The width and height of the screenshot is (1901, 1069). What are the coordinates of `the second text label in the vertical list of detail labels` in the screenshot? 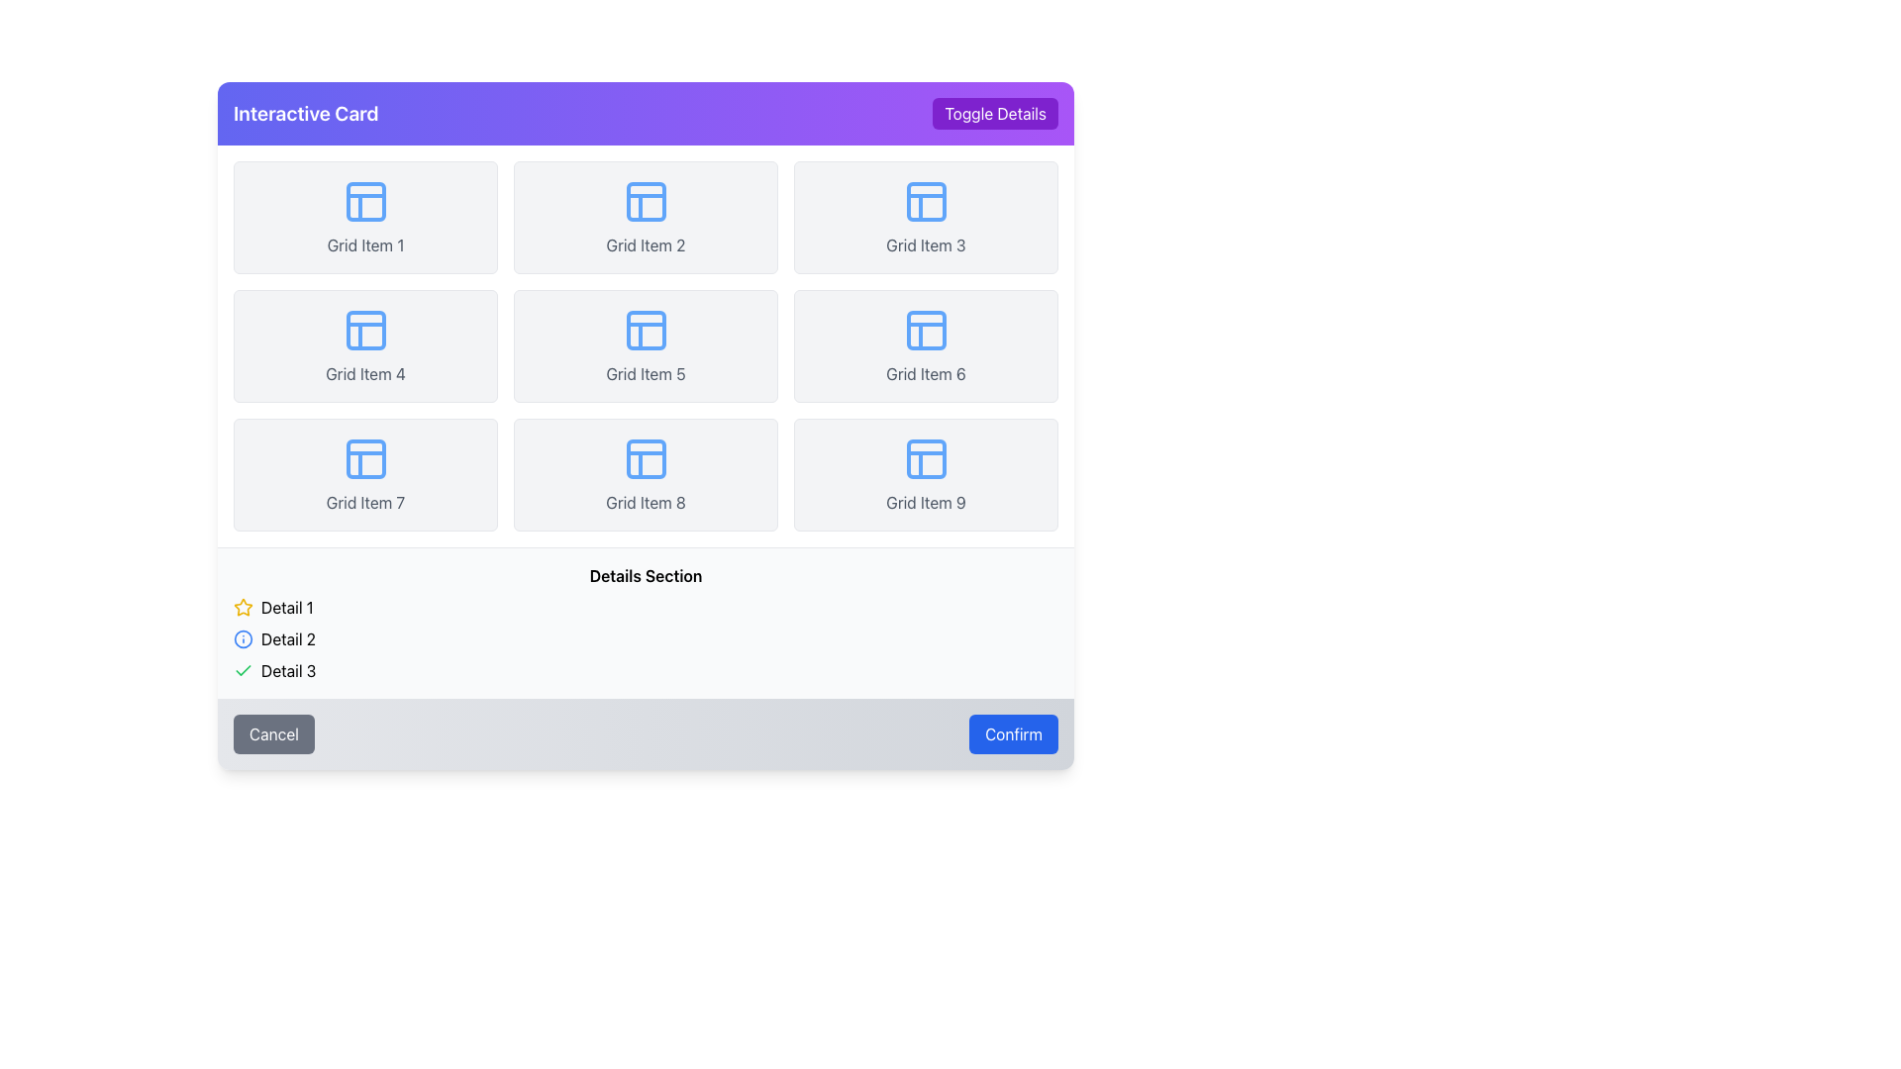 It's located at (287, 638).